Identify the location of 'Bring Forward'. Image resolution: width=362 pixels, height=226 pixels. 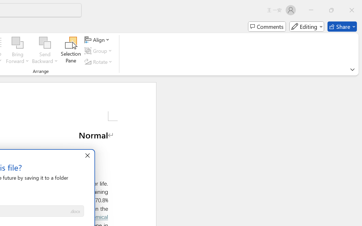
(18, 43).